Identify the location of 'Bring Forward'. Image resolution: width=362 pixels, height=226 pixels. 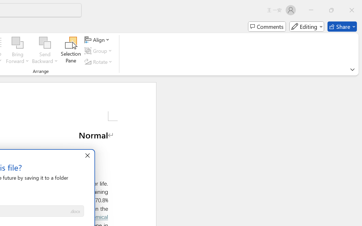
(18, 43).